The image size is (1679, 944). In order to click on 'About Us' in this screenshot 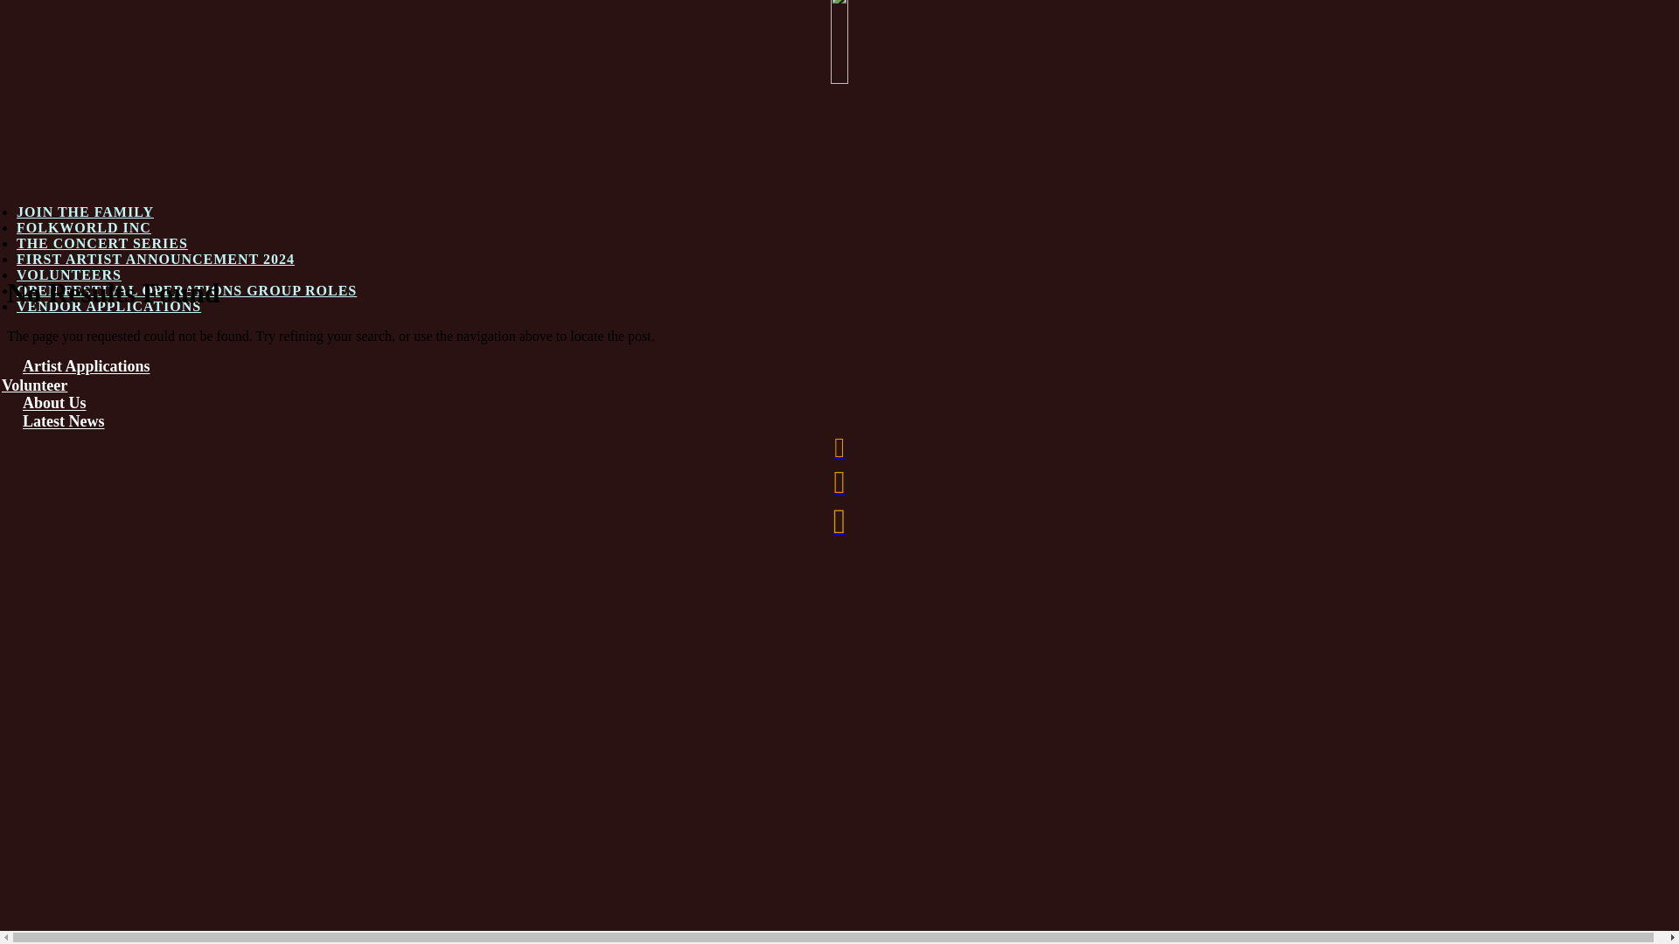, I will do `click(54, 403)`.